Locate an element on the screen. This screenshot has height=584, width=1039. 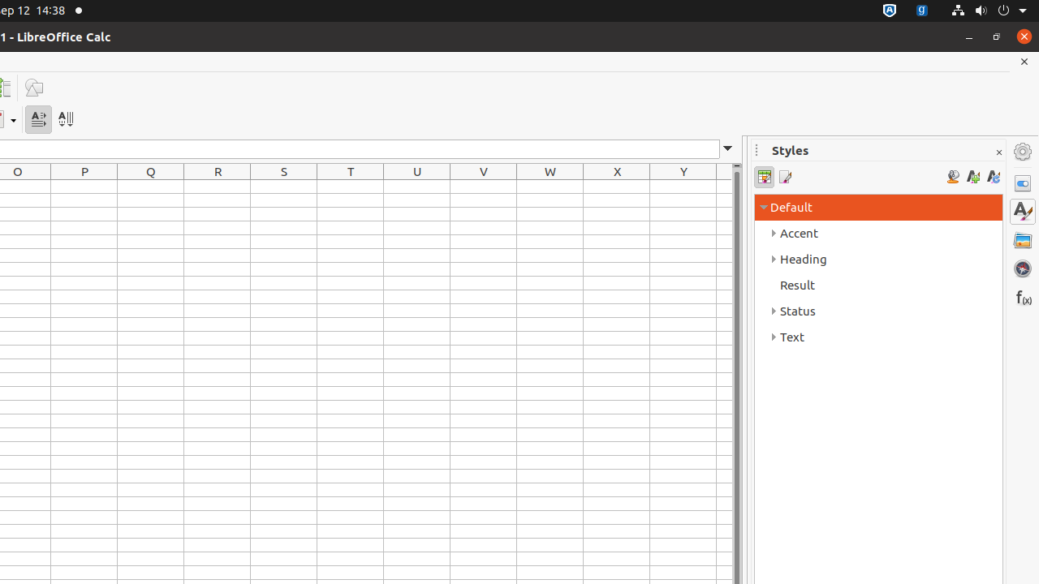
'Properties' is located at coordinates (1022, 182).